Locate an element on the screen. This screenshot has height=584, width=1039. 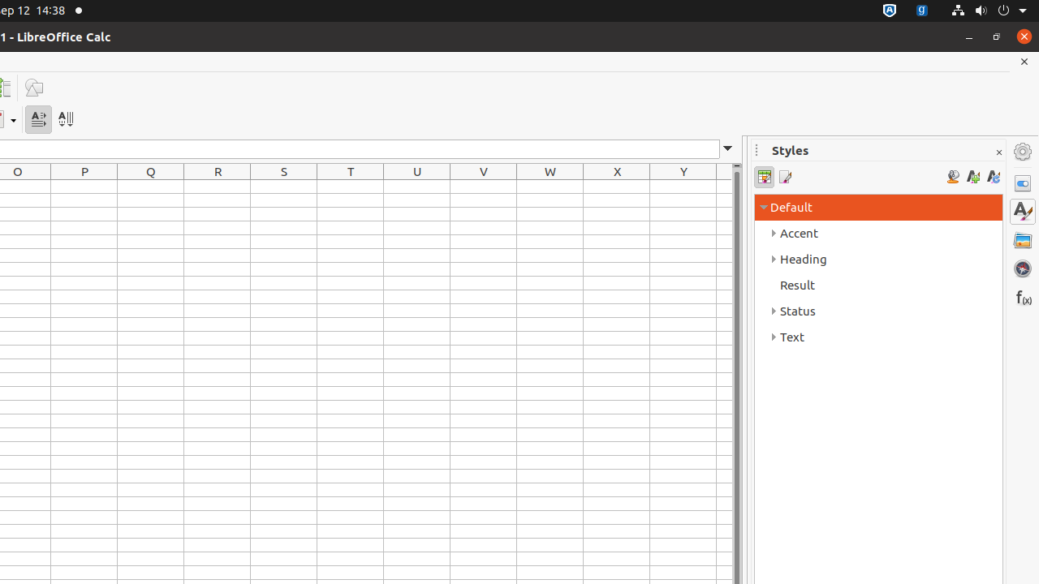
'Properties' is located at coordinates (1022, 182).